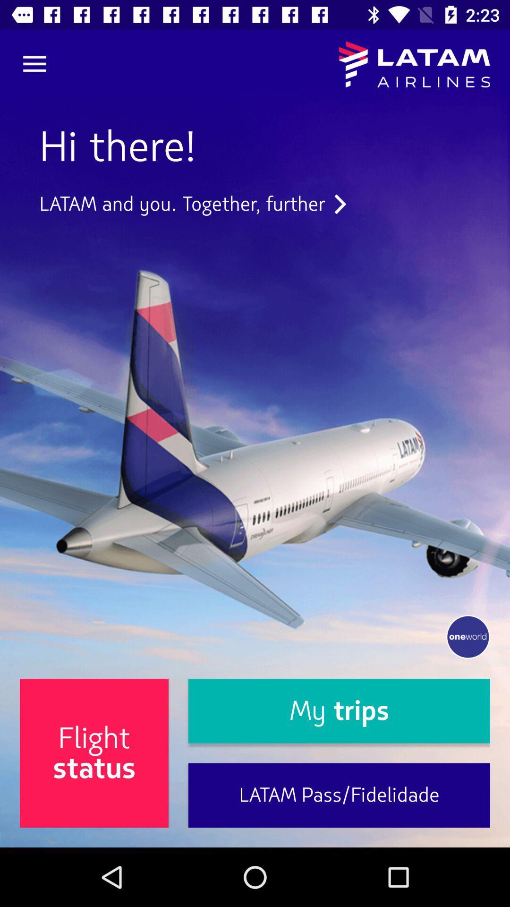 Image resolution: width=510 pixels, height=907 pixels. I want to click on the item to the right of the flight, so click(339, 795).